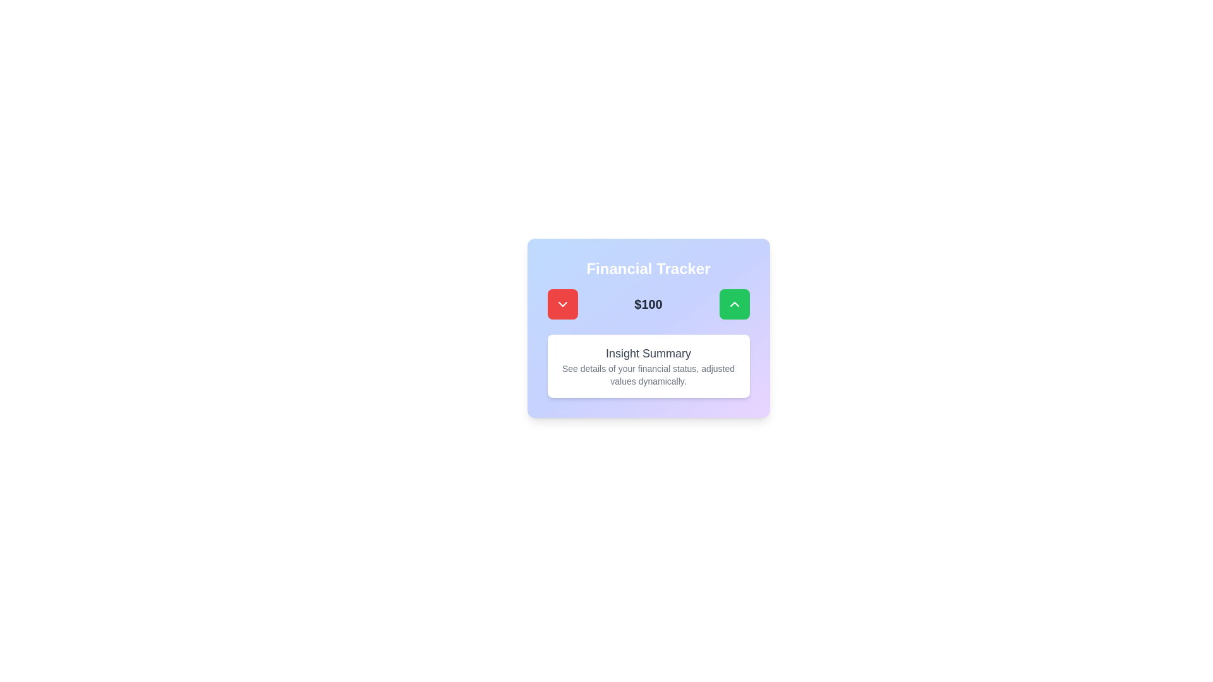 The width and height of the screenshot is (1213, 682). I want to click on the interactive green button located at the top-left of the 'Financial Tracker' card to receive feedback, so click(734, 304).